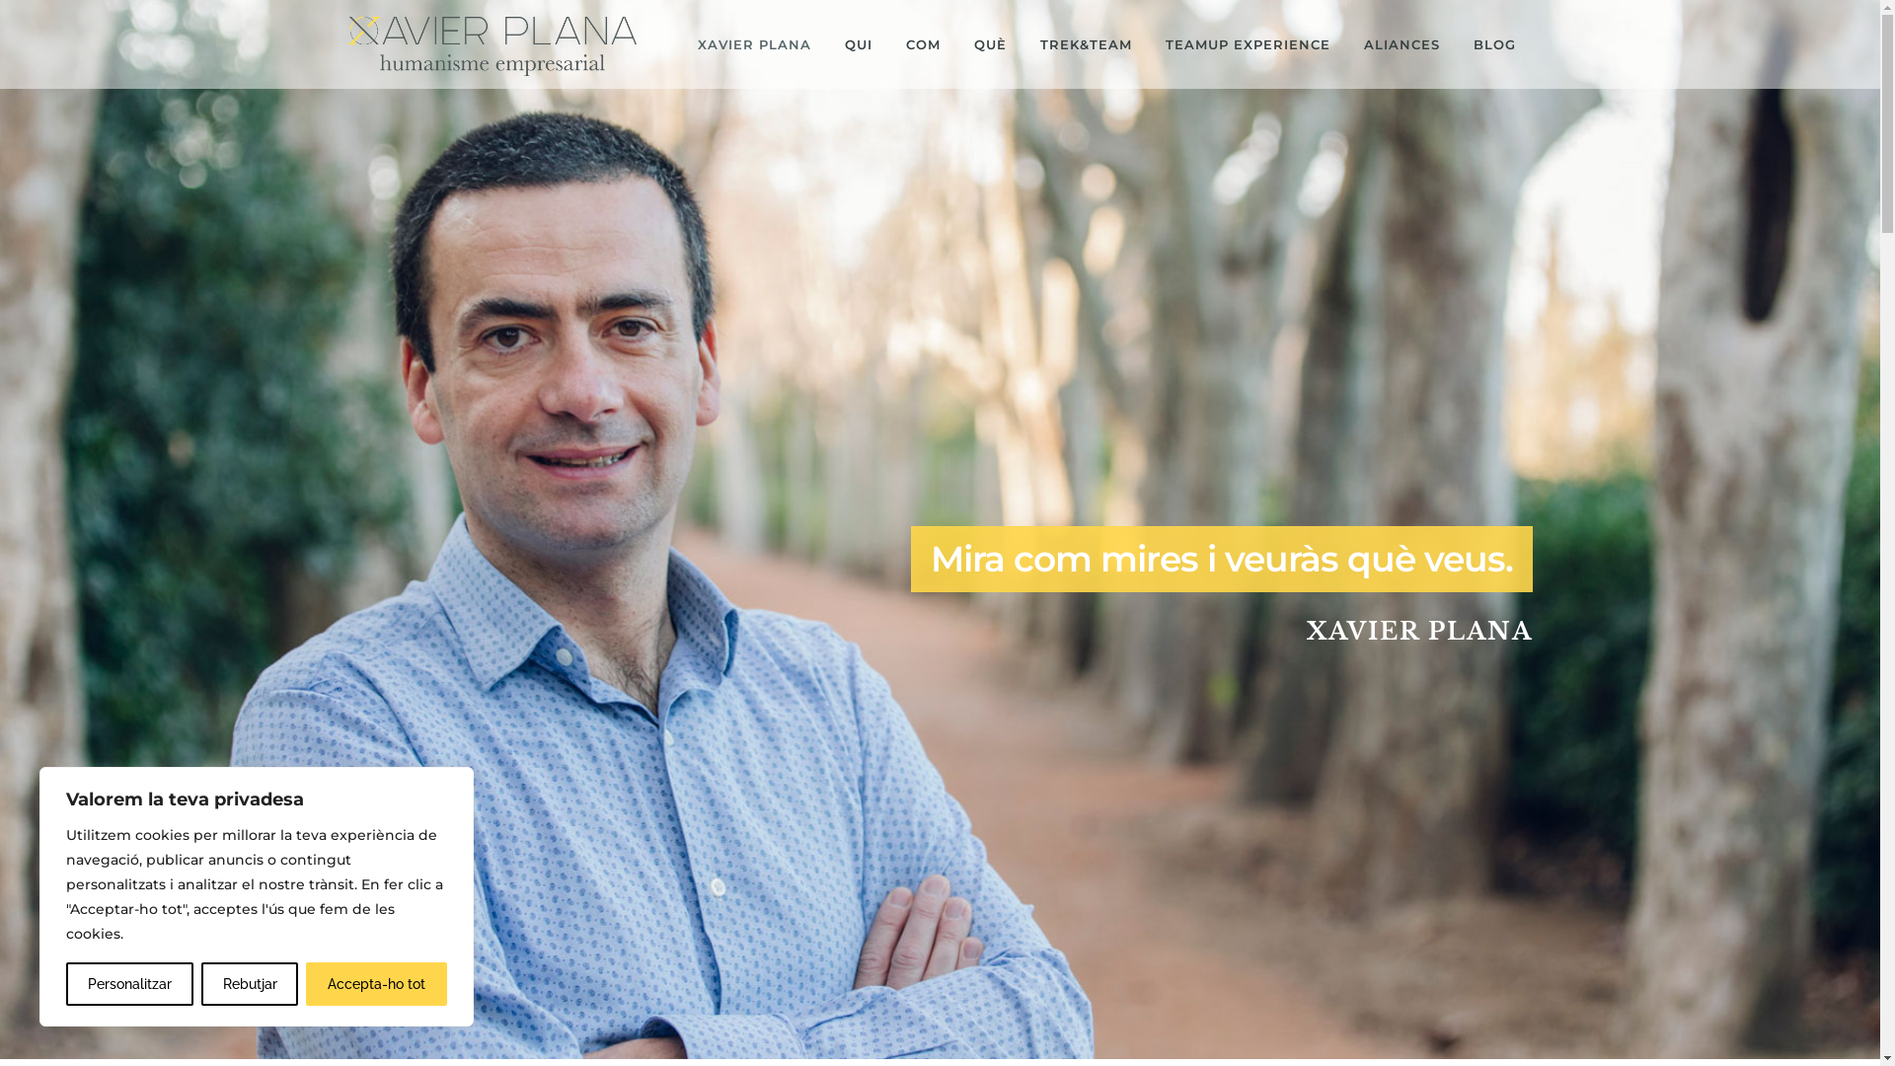 The image size is (1895, 1066). Describe the element at coordinates (249, 983) in the screenshot. I see `'Rebutjar'` at that location.